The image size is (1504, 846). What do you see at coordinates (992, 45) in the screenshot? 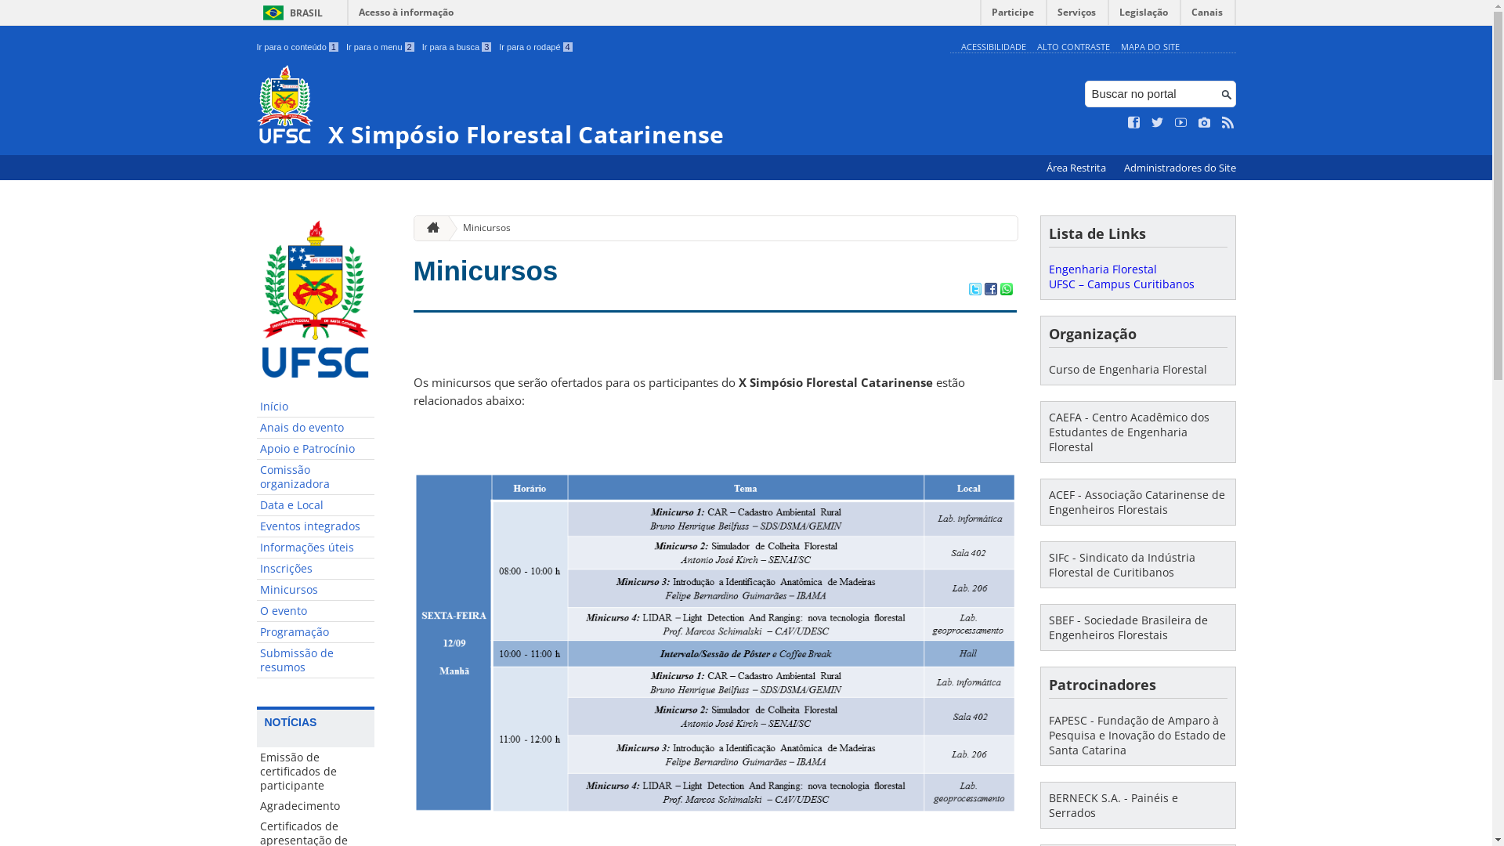
I see `'ACESSIBILIDADE'` at bounding box center [992, 45].